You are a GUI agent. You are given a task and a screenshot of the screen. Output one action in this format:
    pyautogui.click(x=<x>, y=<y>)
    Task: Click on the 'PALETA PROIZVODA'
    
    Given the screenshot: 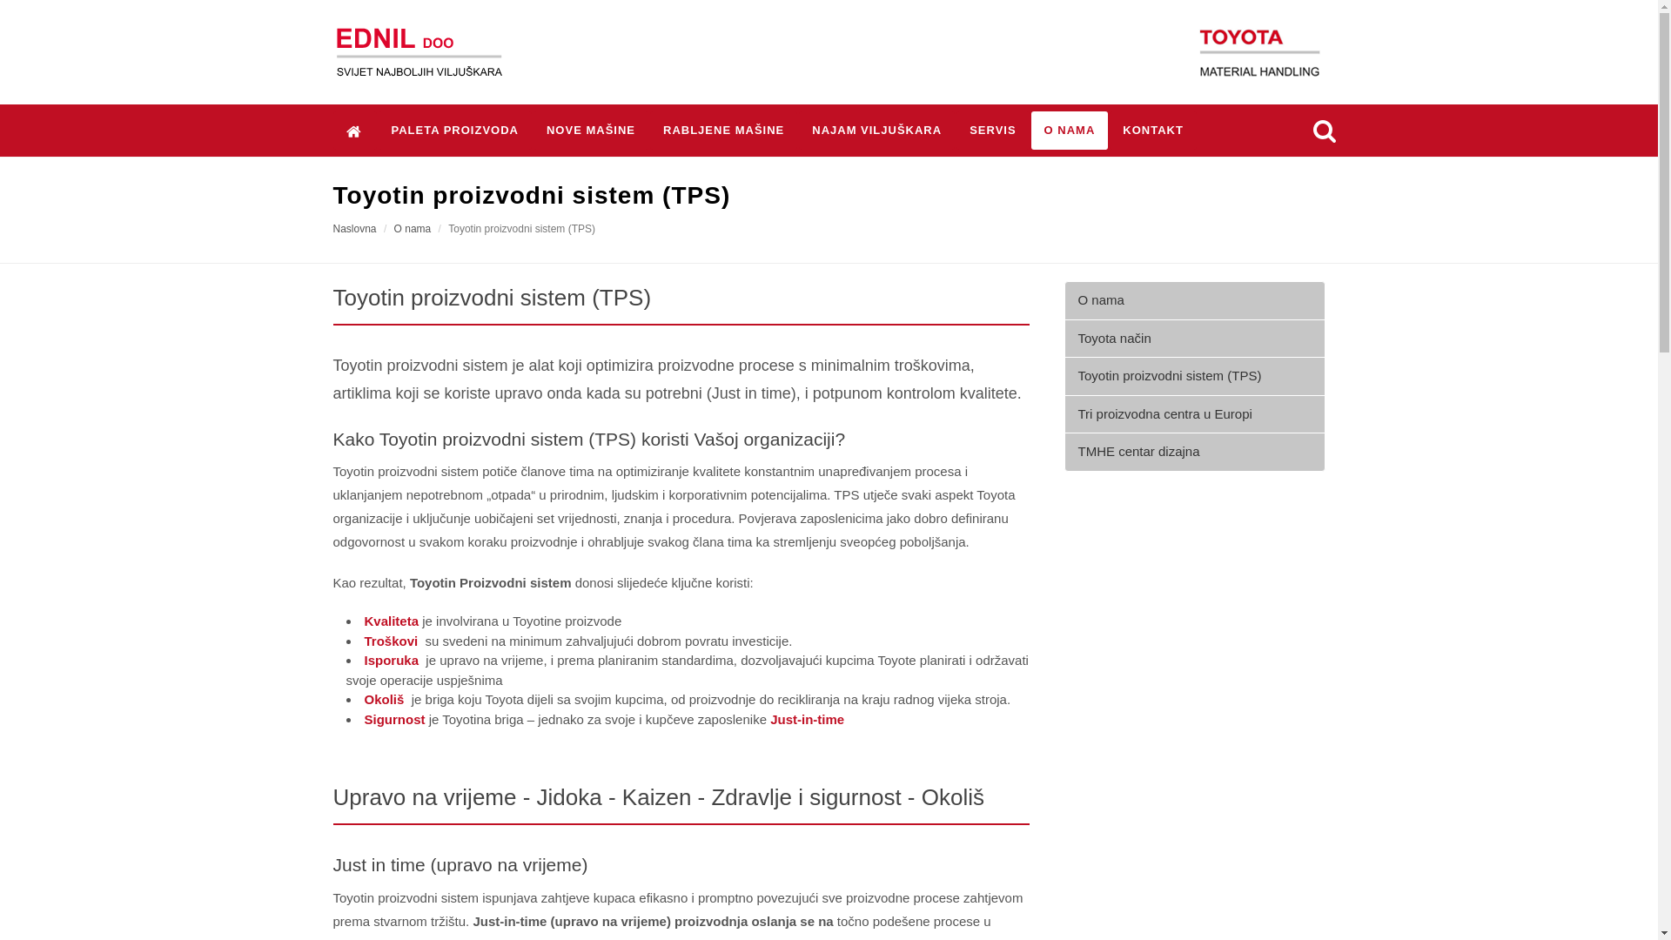 What is the action you would take?
    pyautogui.click(x=454, y=130)
    